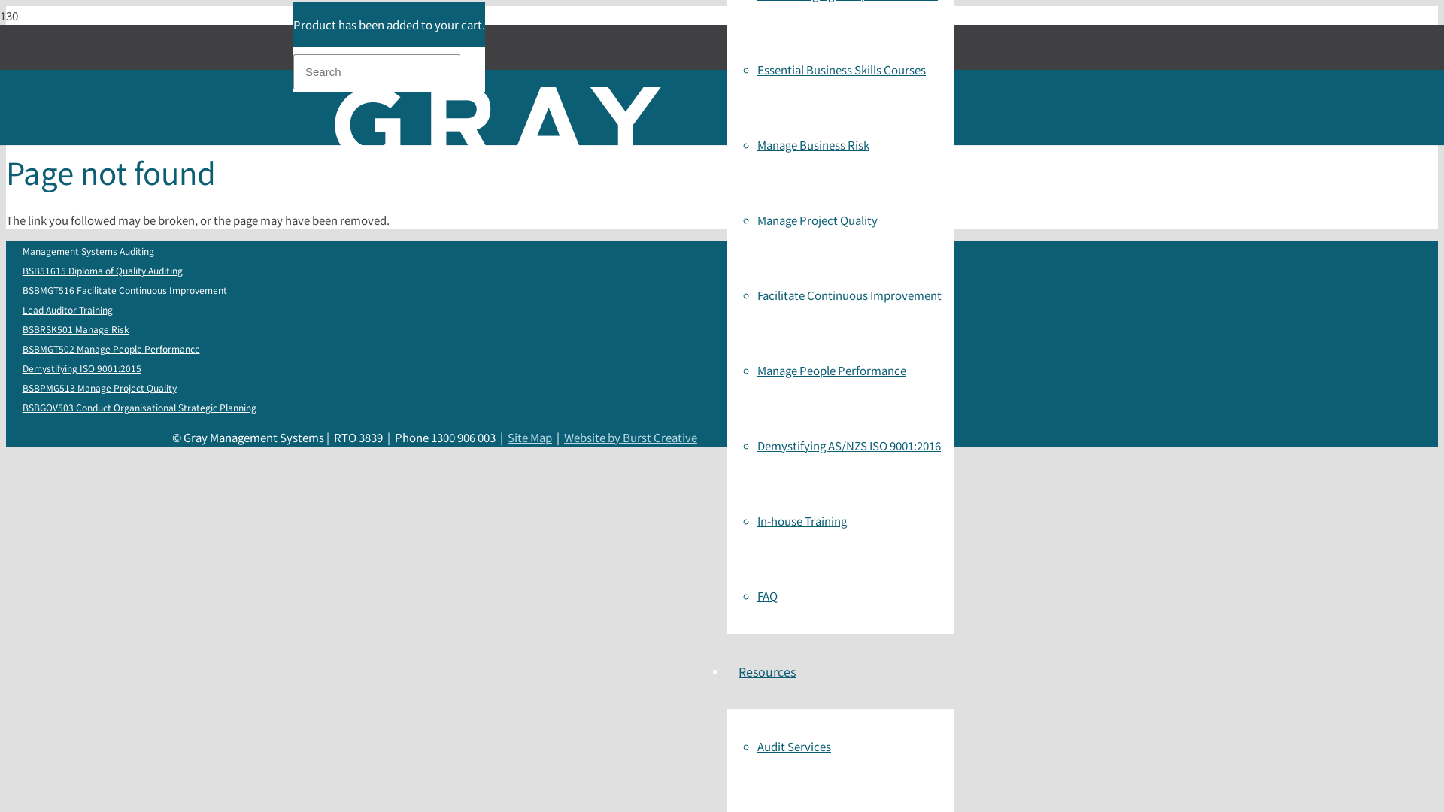 This screenshot has width=1444, height=812. What do you see at coordinates (848, 444) in the screenshot?
I see `'Demystifying AS/NZS ISO 9001:2016'` at bounding box center [848, 444].